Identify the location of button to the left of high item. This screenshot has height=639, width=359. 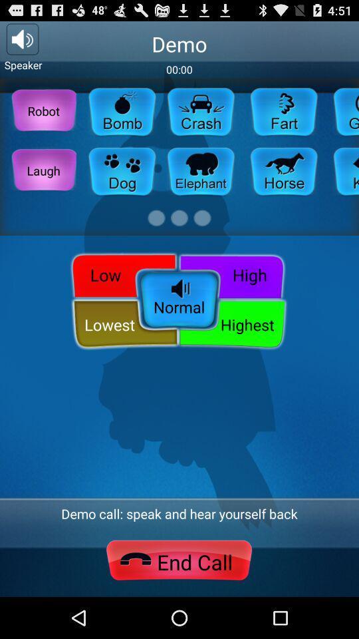
(121, 274).